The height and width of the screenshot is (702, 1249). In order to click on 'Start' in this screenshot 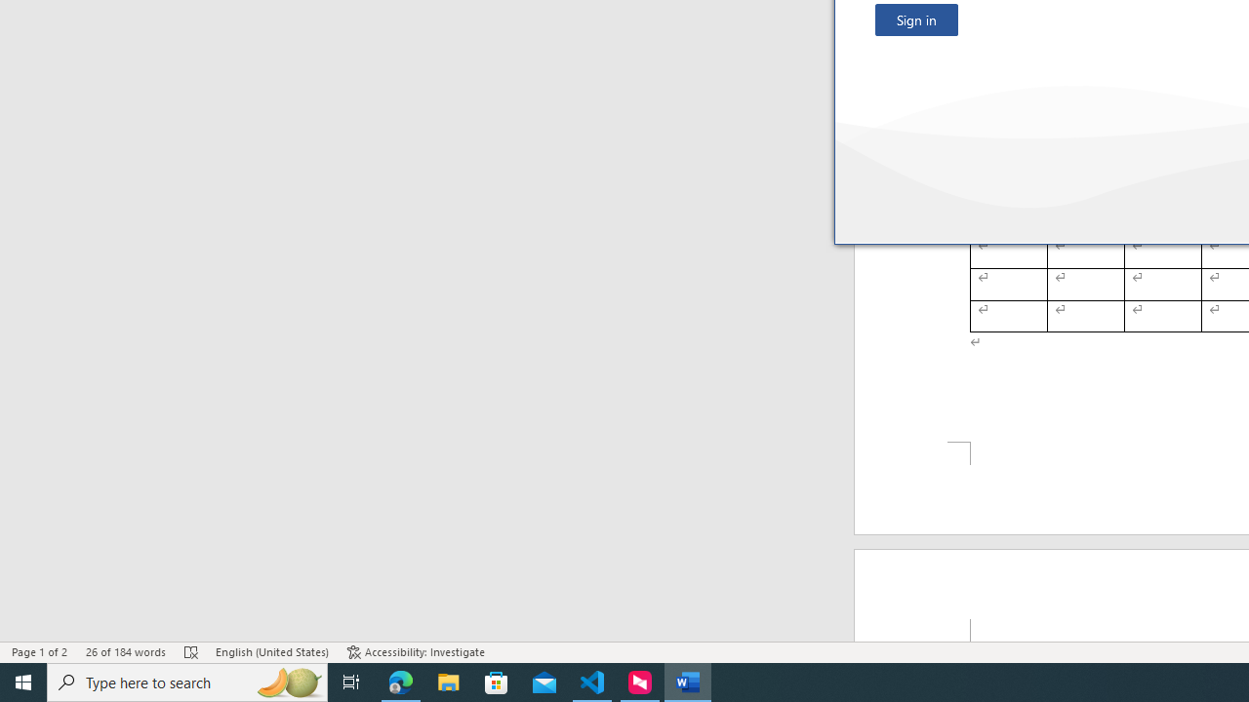, I will do `click(23, 681)`.